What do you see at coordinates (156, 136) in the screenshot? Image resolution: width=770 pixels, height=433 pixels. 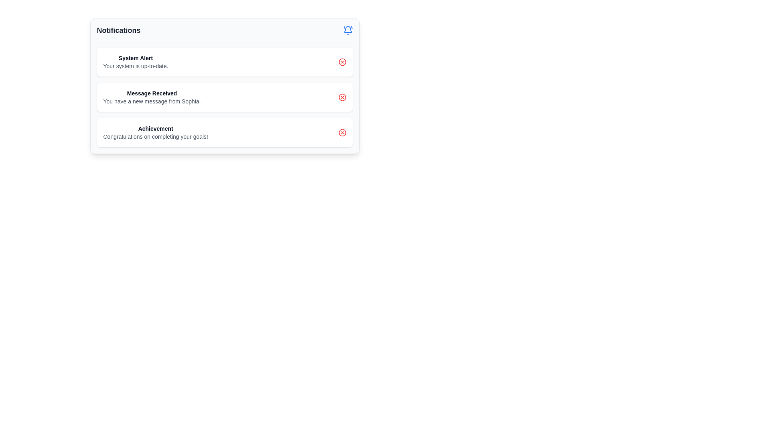 I see `the Text Label displaying the congratulatory message below the 'Achievement' notification heading` at bounding box center [156, 136].